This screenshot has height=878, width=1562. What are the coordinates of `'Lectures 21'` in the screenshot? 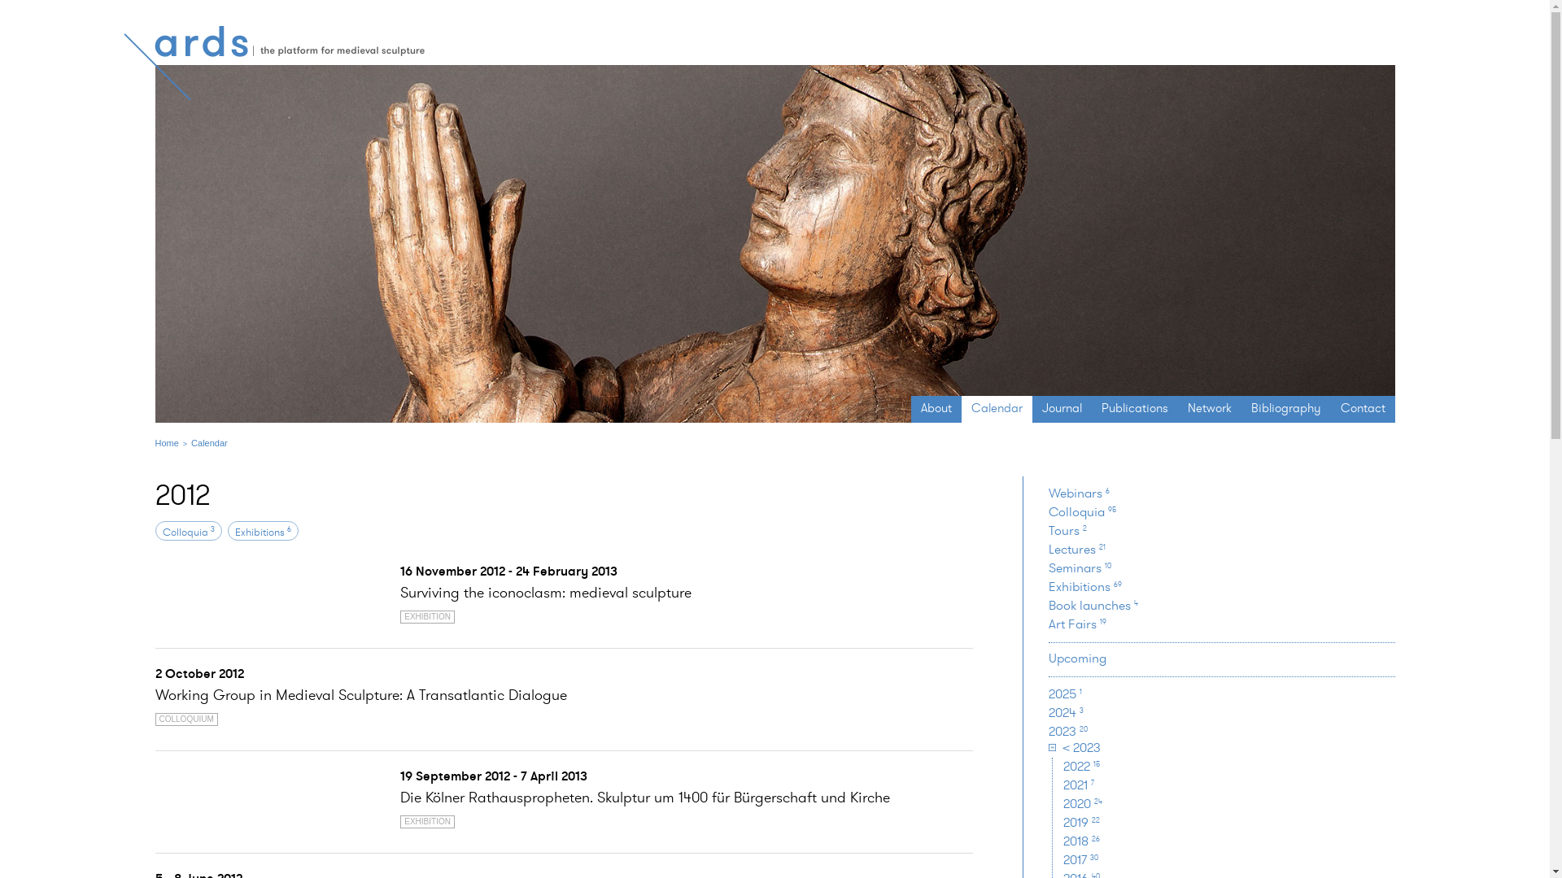 It's located at (1077, 549).